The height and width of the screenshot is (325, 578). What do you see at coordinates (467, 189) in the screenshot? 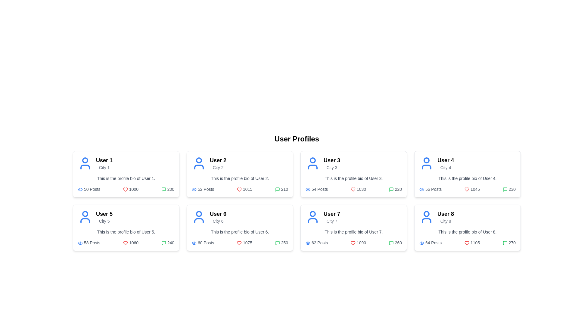
I see `the group of icons with associated text labels that summarizes user activity statistics for 'User 4', located in the bottom section of the card in the first row, fourth column of the user profile grid` at bounding box center [467, 189].